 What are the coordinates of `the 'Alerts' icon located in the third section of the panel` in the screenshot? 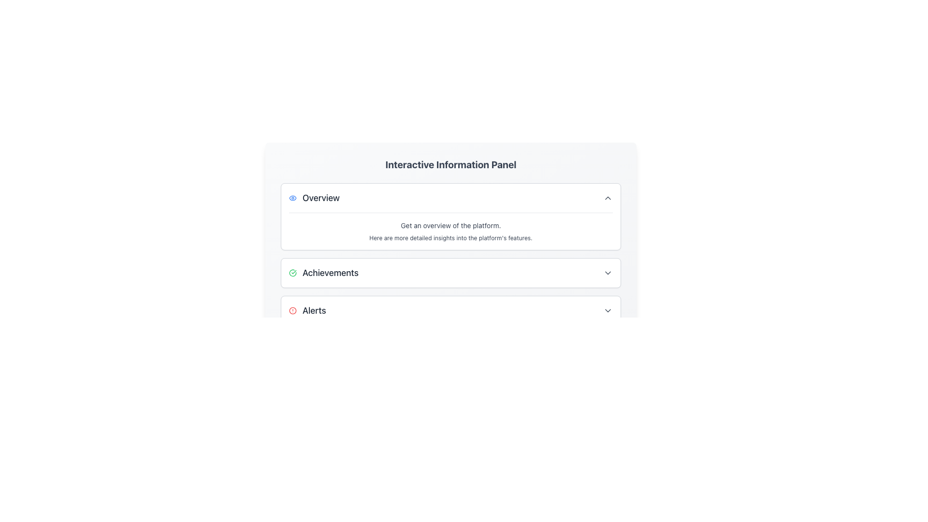 It's located at (292, 311).